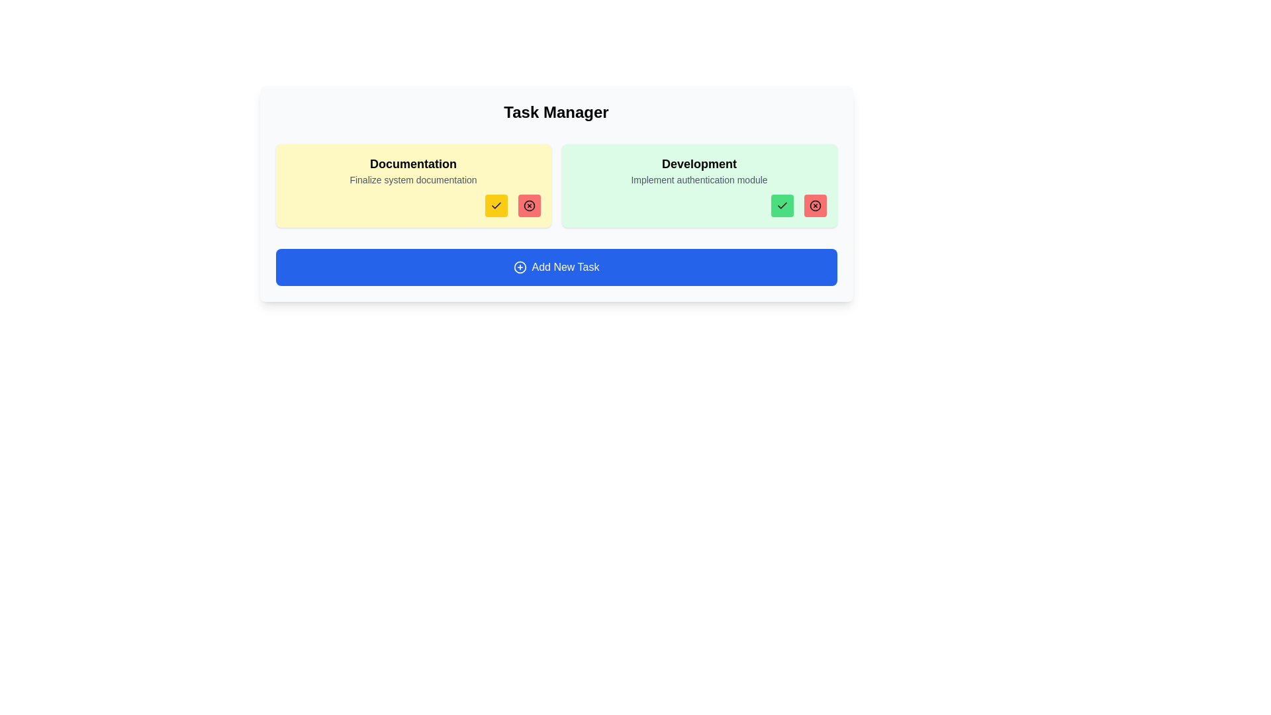  I want to click on the 'Documentation' text label, which is styled in a large bold font and located at the top of a yellow rounded rectangular card, so click(412, 163).